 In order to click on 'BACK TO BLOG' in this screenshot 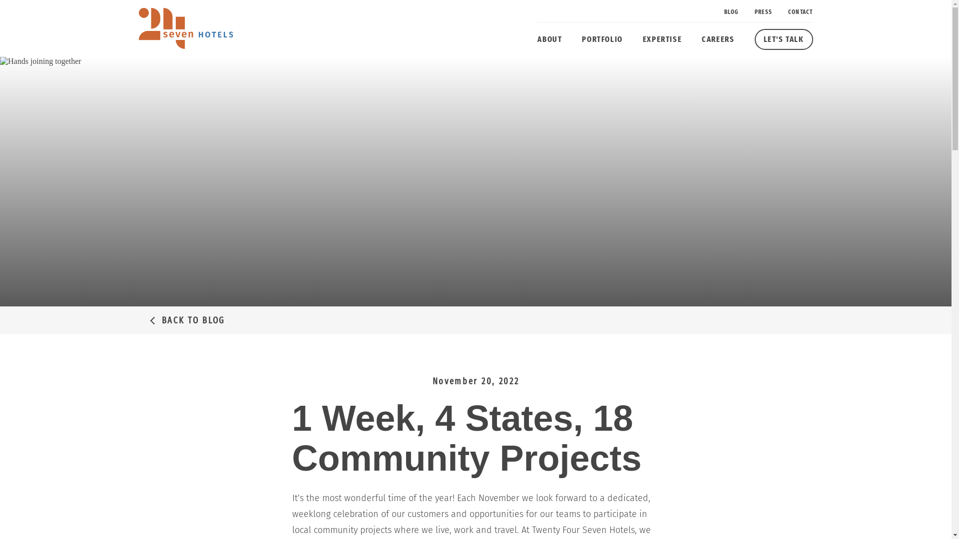, I will do `click(155, 320)`.